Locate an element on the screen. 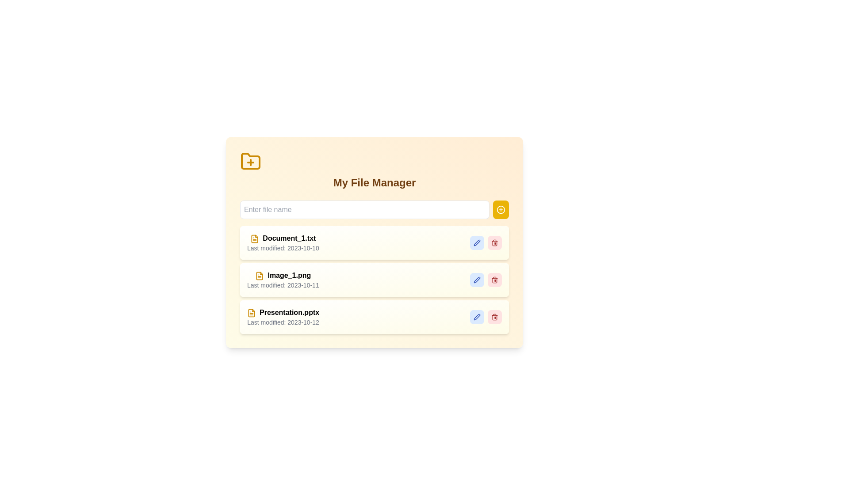  the edit button located in the third row of the file list for 'Presentation.pptx', which allows users is located at coordinates (477, 316).